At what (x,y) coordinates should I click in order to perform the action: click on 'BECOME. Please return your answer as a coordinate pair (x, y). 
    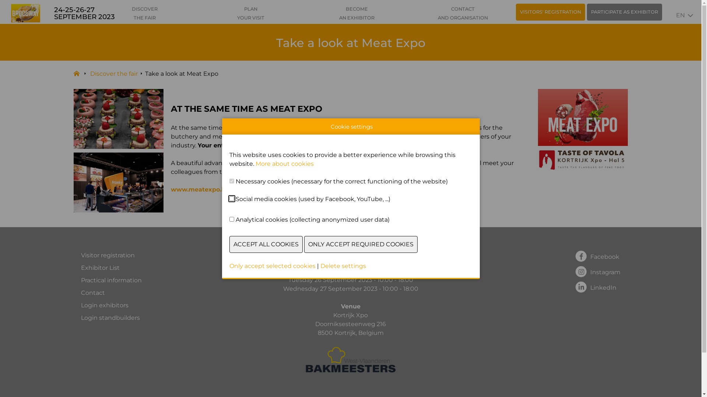
    Looking at the image, I should click on (357, 14).